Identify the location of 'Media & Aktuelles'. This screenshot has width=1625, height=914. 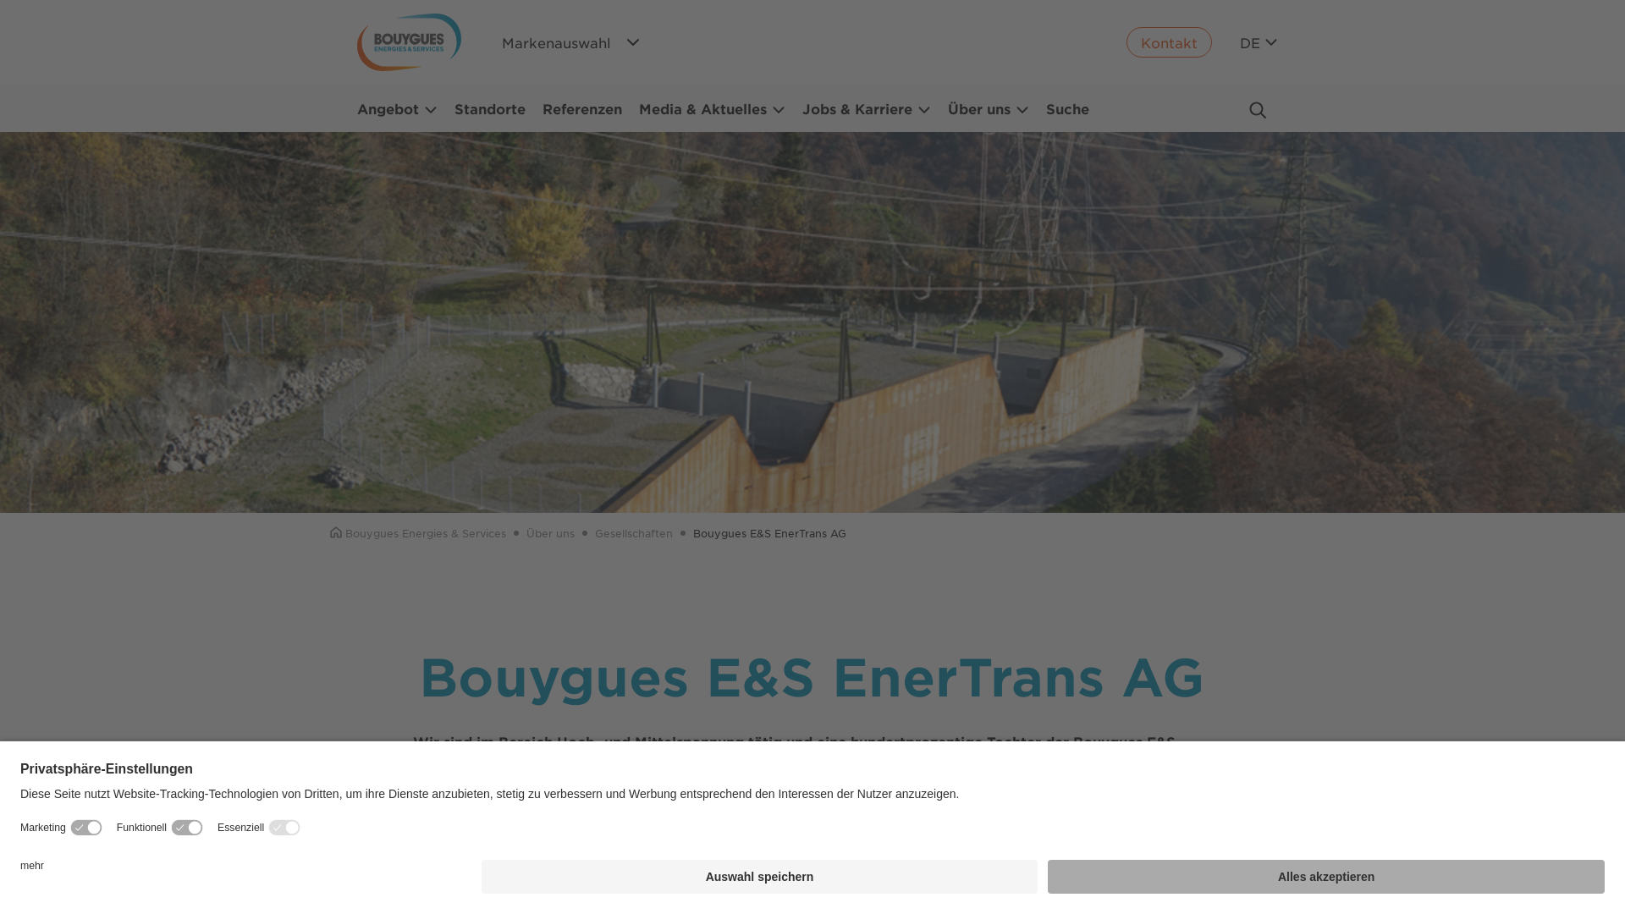
(712, 107).